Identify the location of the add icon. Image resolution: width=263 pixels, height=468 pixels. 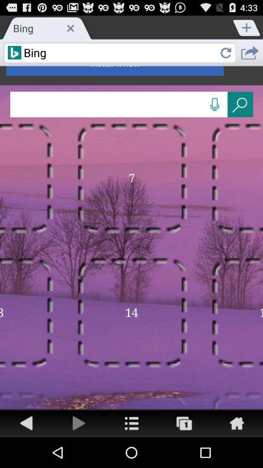
(247, 28).